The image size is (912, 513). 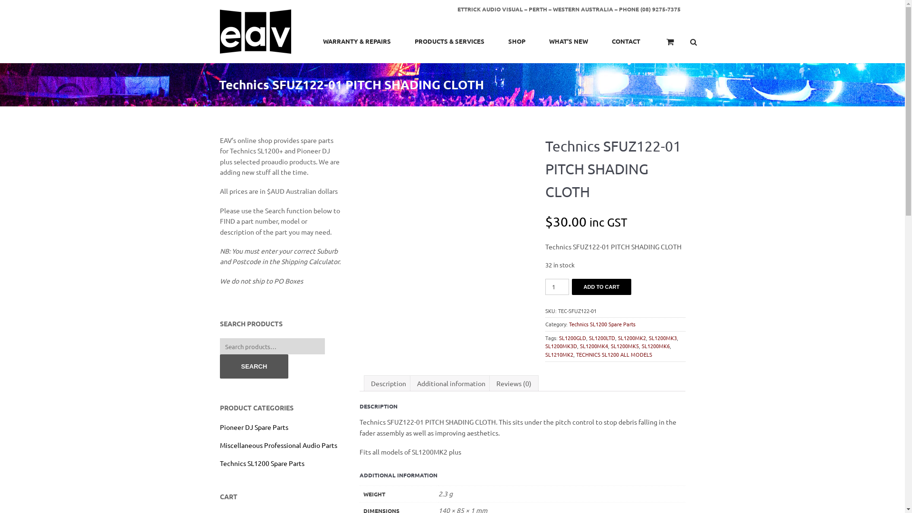 What do you see at coordinates (262, 463) in the screenshot?
I see `'Technics SL1200 Spare Parts'` at bounding box center [262, 463].